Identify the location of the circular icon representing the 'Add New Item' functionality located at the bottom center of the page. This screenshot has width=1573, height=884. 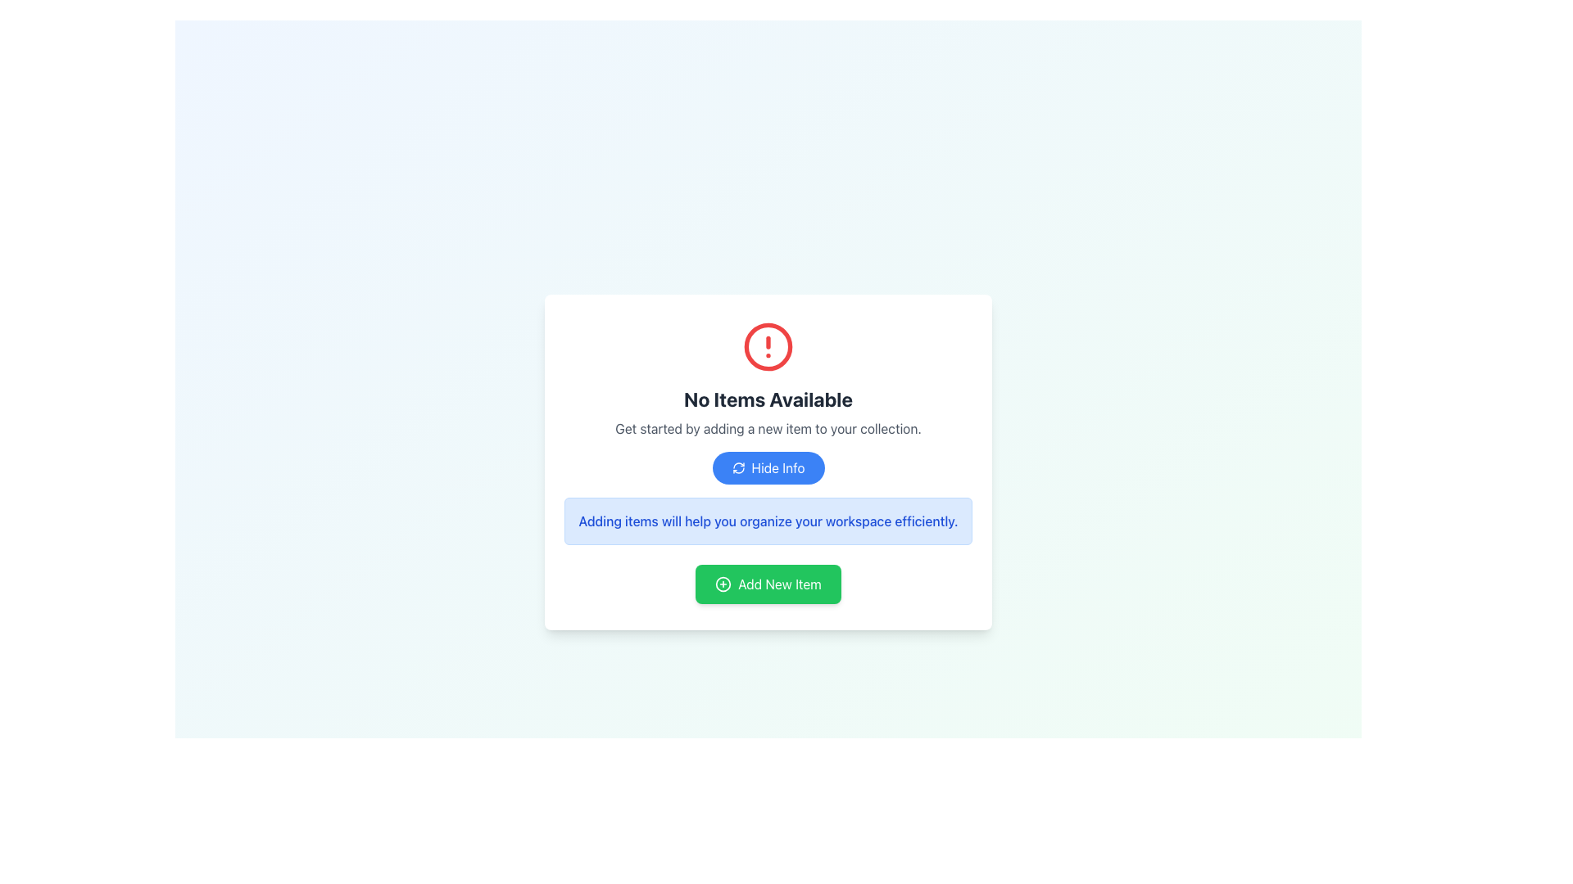
(723, 583).